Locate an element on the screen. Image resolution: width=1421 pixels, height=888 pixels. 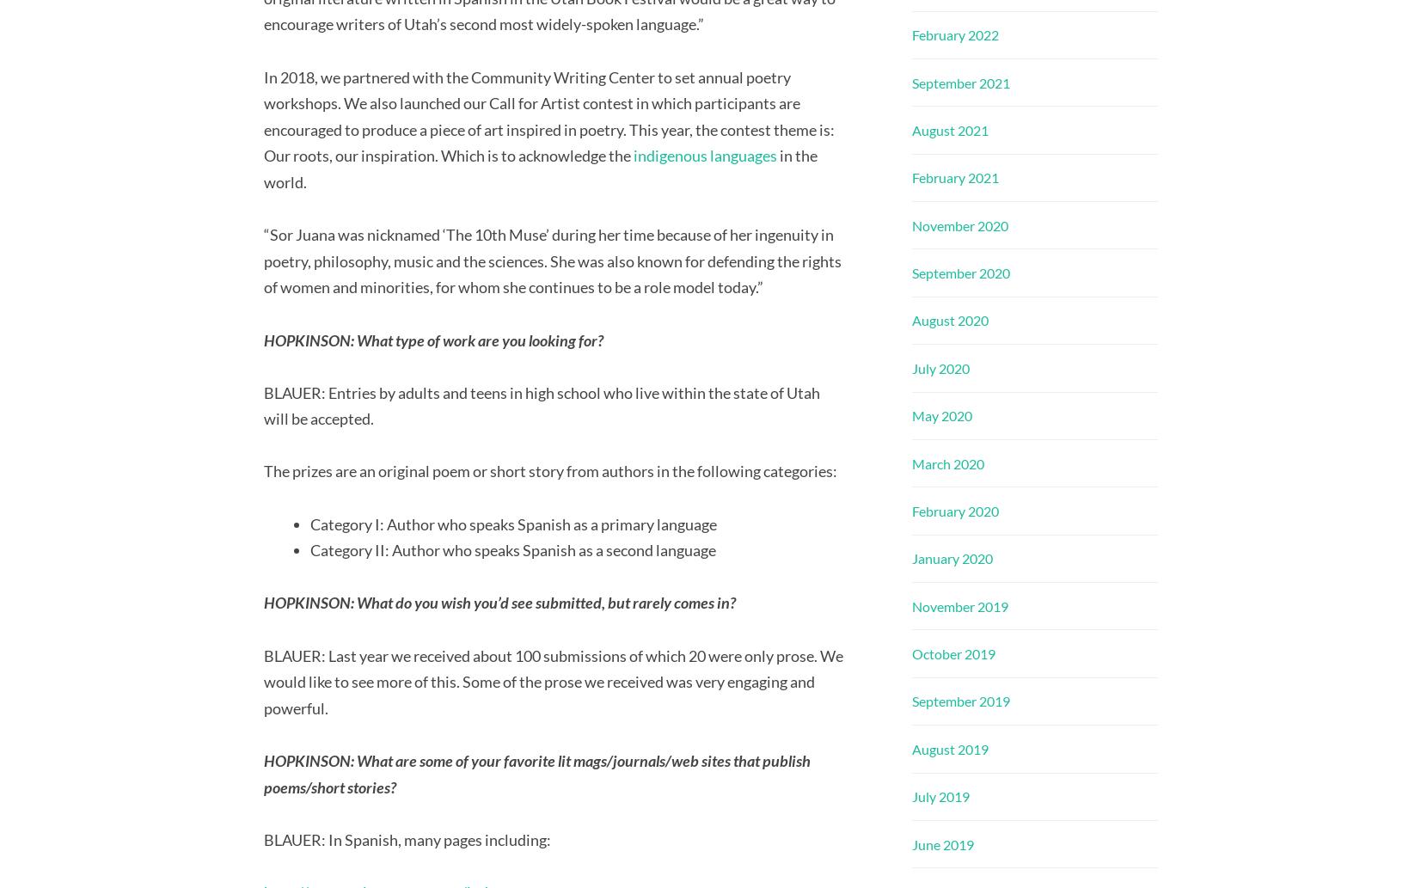
'January 2020' is located at coordinates (952, 557).